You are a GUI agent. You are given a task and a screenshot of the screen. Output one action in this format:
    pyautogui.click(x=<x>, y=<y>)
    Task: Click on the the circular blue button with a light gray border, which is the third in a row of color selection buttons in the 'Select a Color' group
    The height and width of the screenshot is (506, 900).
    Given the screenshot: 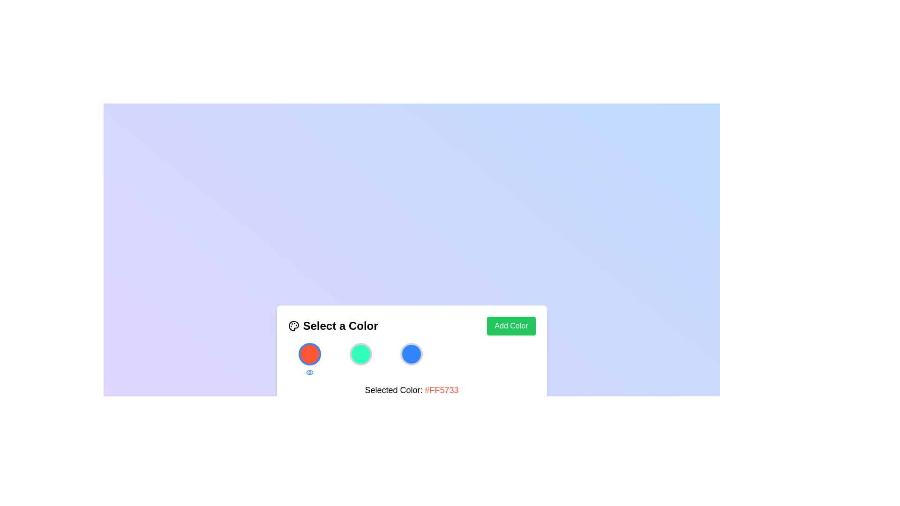 What is the action you would take?
    pyautogui.click(x=412, y=354)
    